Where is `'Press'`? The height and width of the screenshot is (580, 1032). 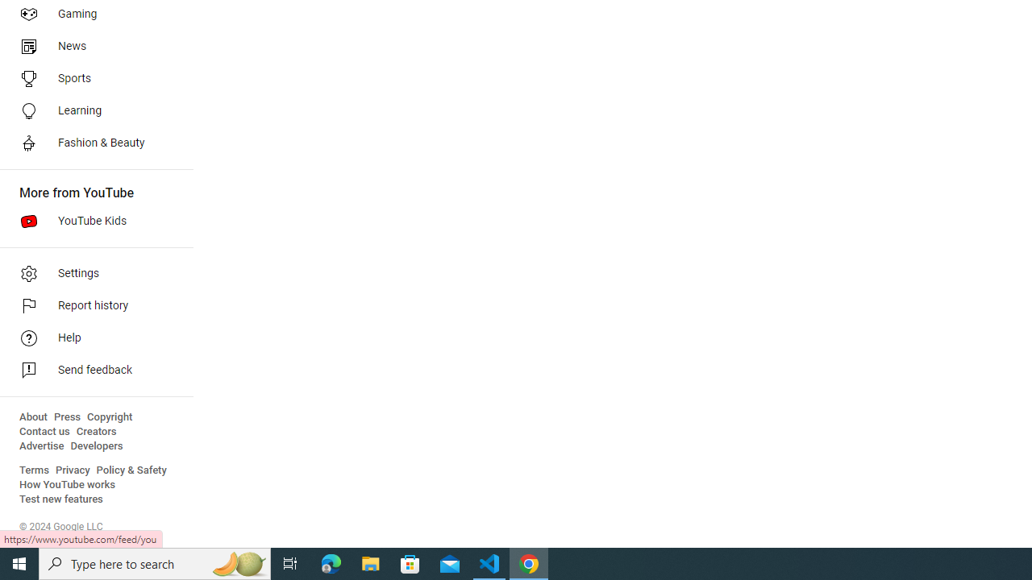 'Press' is located at coordinates (66, 416).